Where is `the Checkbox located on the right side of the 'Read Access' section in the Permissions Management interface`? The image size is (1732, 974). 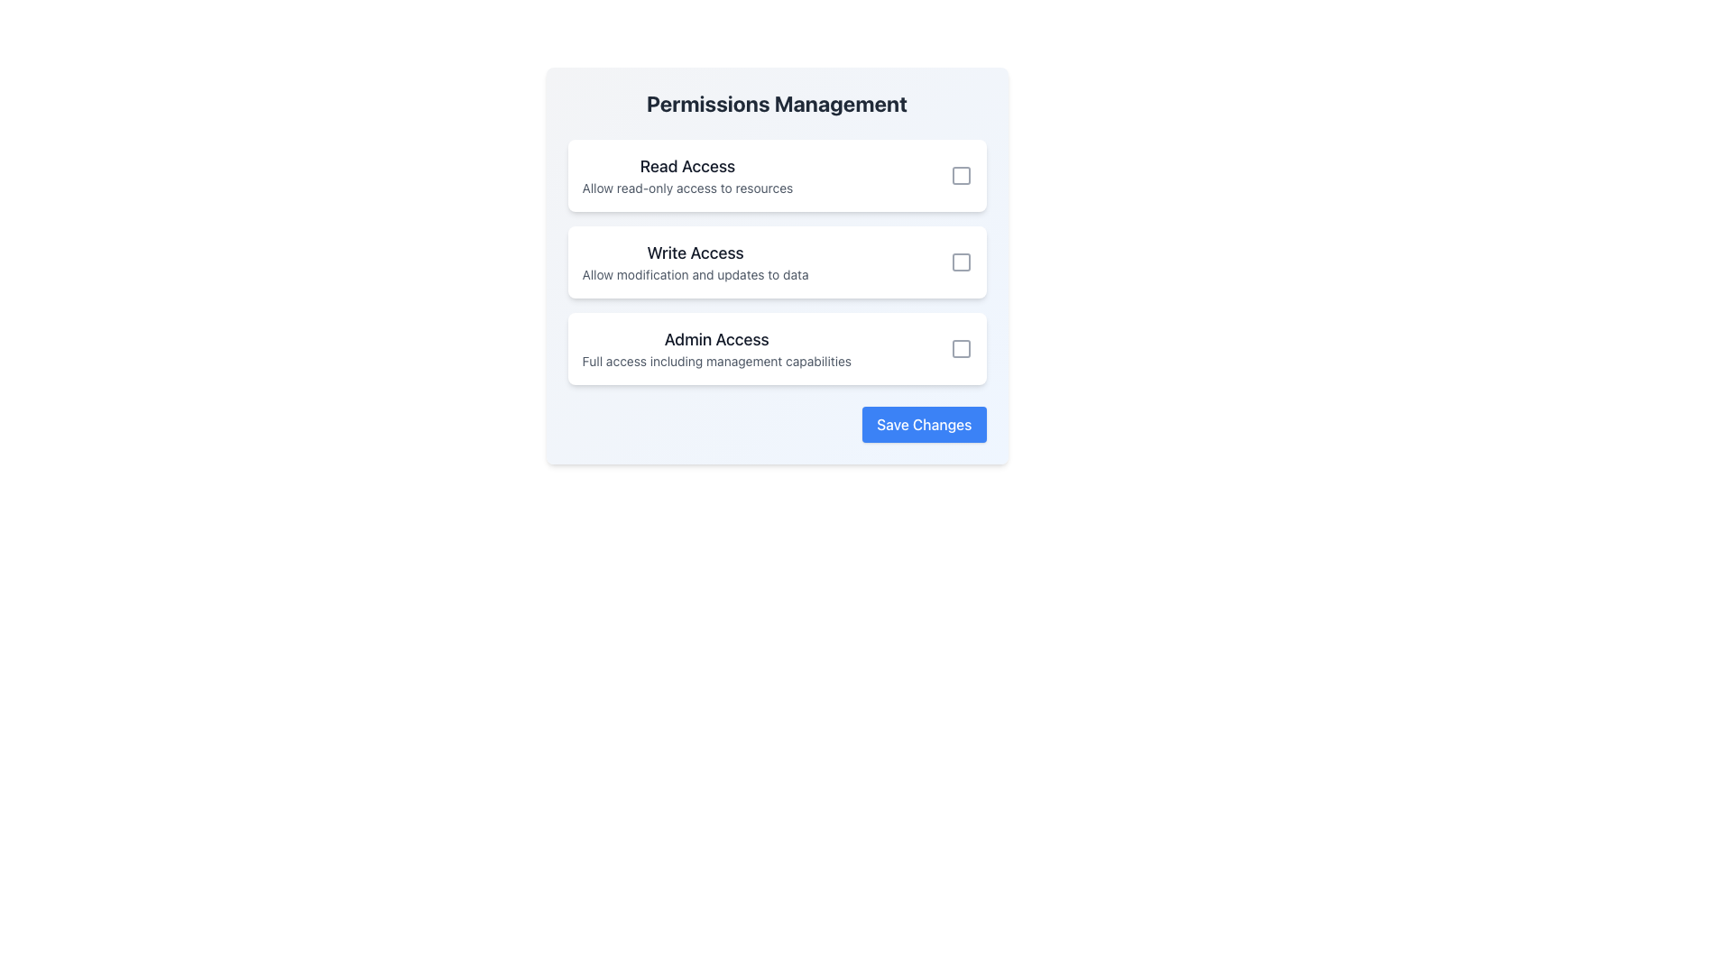
the Checkbox located on the right side of the 'Read Access' section in the Permissions Management interface is located at coordinates (960, 176).